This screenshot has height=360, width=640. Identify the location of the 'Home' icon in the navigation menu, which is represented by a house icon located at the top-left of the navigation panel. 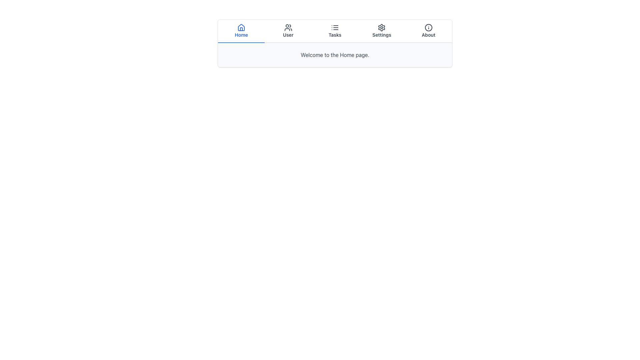
(241, 27).